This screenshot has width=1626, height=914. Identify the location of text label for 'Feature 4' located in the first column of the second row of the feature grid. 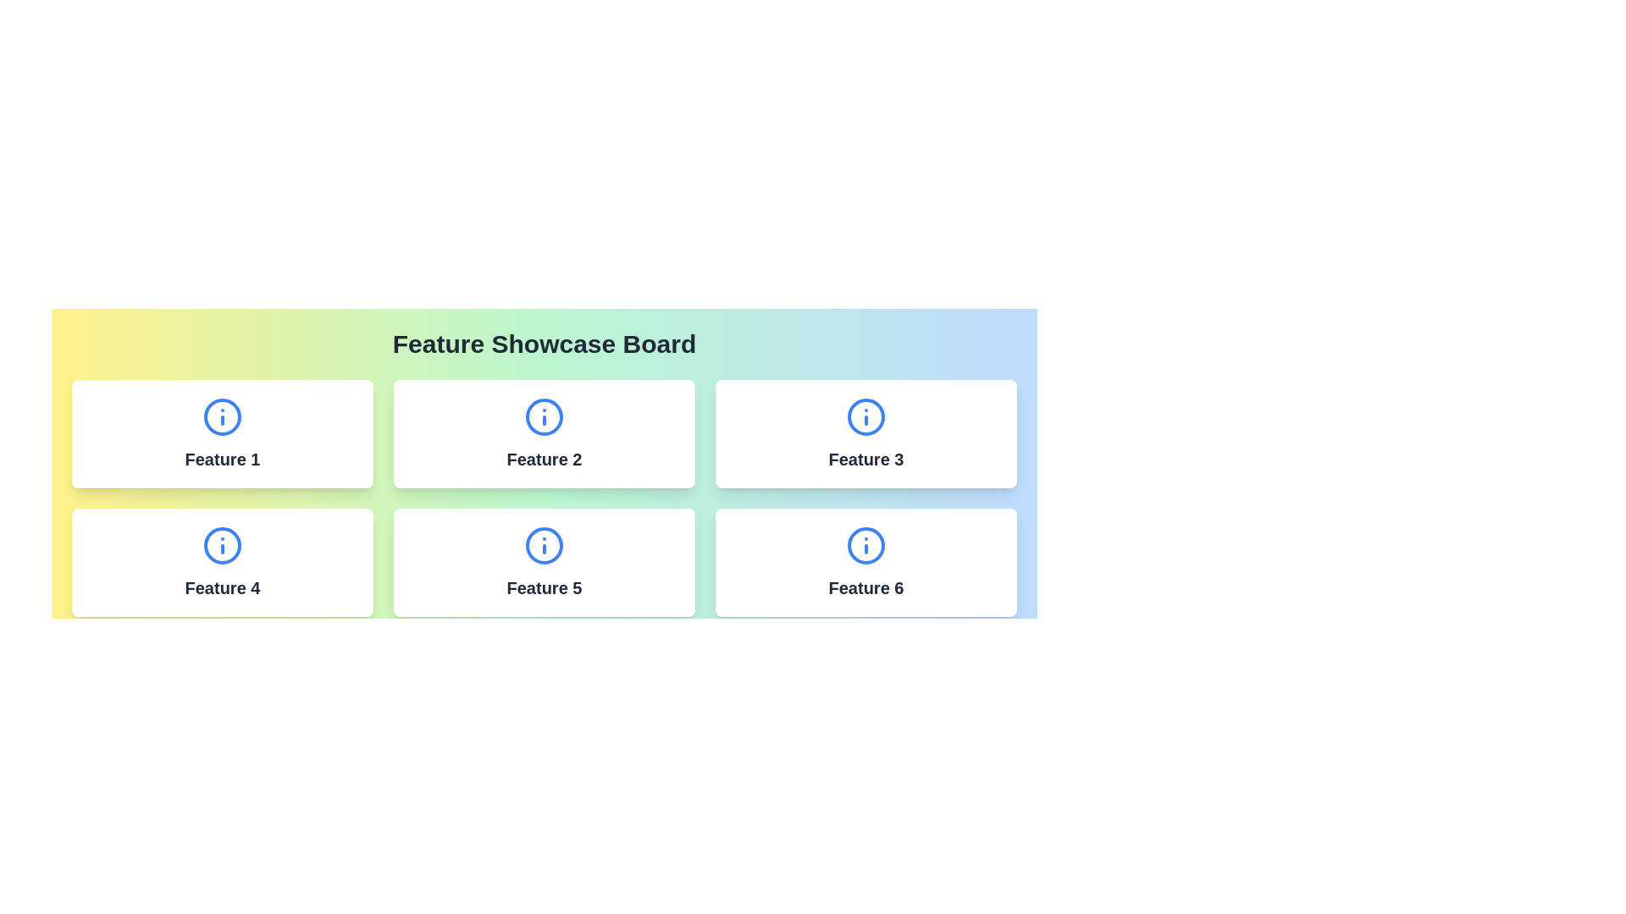
(222, 586).